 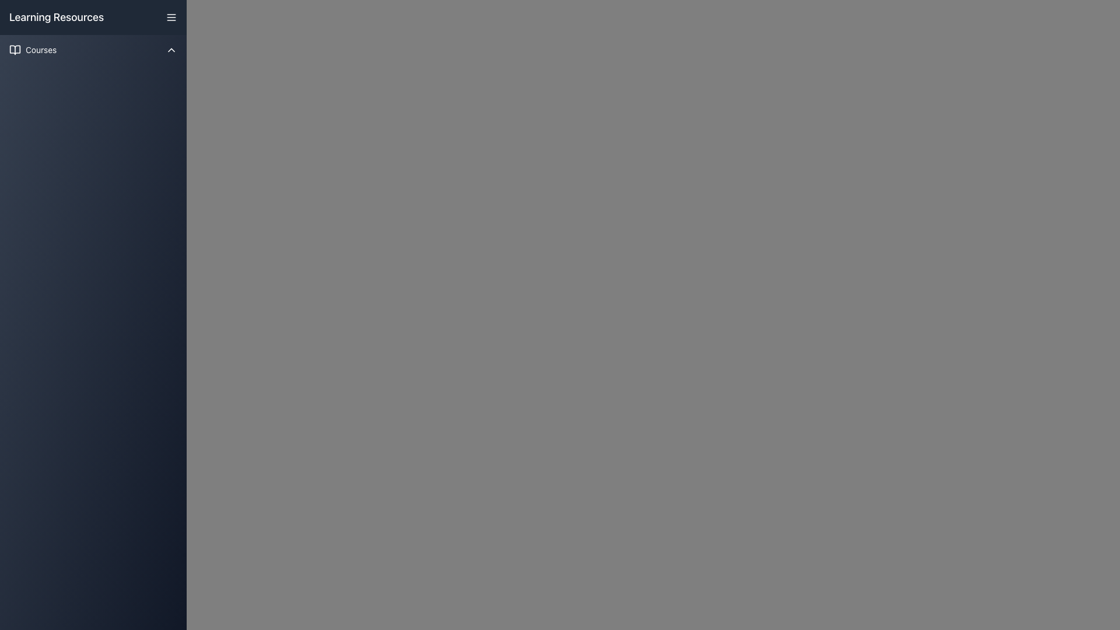 What do you see at coordinates (56, 17) in the screenshot?
I see `the 'Learning Resources' text label, which is styled with a large font size and medium weight, located in the upper-left corner of the dark sidebar` at bounding box center [56, 17].